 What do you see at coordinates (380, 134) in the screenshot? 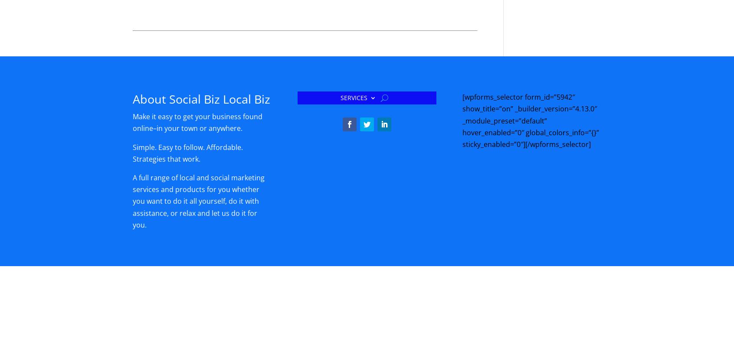
I see `'KickStart! Services: KickStart! Your Marketing'` at bounding box center [380, 134].